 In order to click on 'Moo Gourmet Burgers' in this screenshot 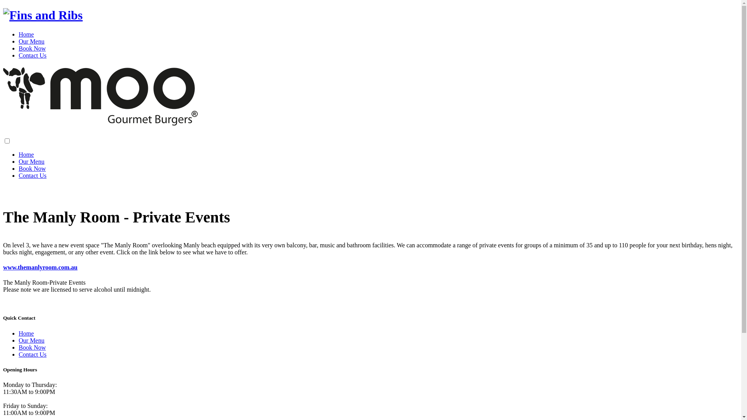, I will do `click(100, 121)`.